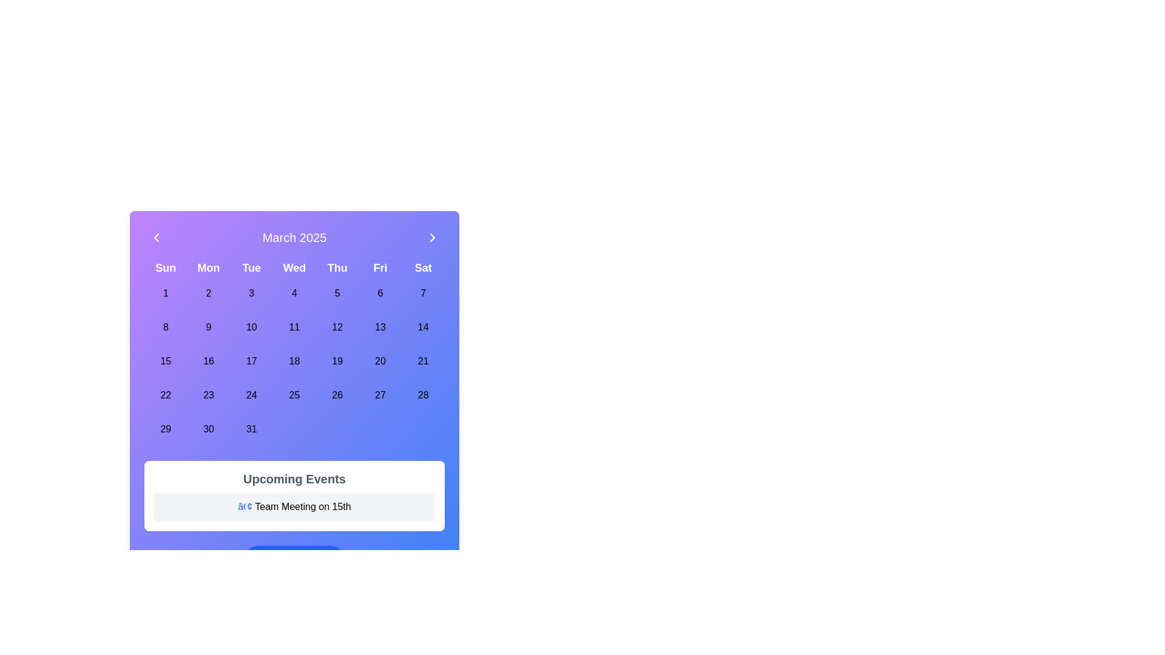 This screenshot has width=1165, height=655. I want to click on the circular button displaying the date '28' in bold black text, located in the Saturday column of the calendar interface, so click(423, 395).